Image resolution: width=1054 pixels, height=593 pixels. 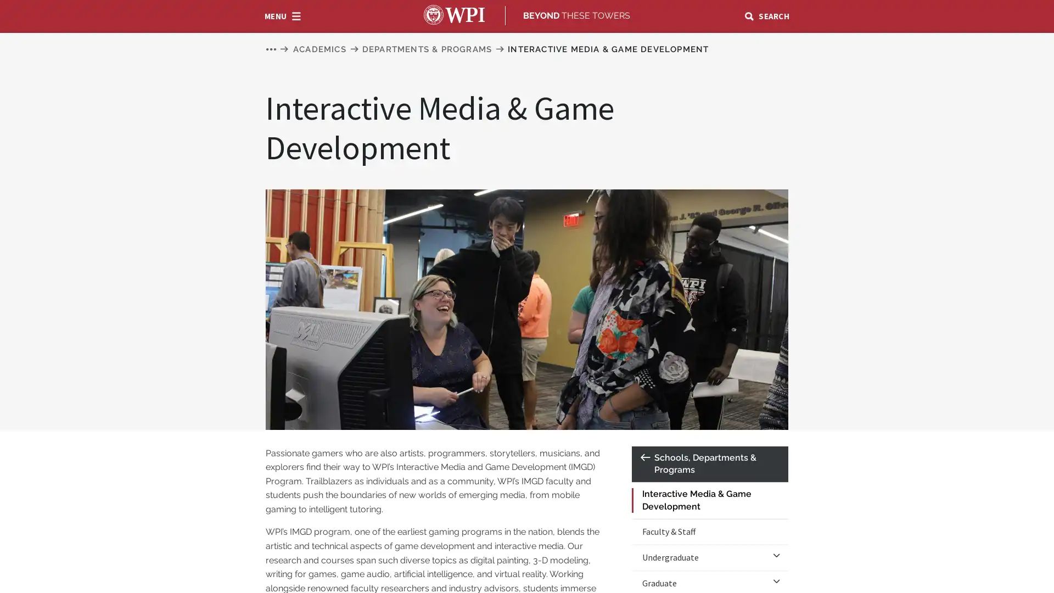 I want to click on MENU, so click(x=283, y=15).